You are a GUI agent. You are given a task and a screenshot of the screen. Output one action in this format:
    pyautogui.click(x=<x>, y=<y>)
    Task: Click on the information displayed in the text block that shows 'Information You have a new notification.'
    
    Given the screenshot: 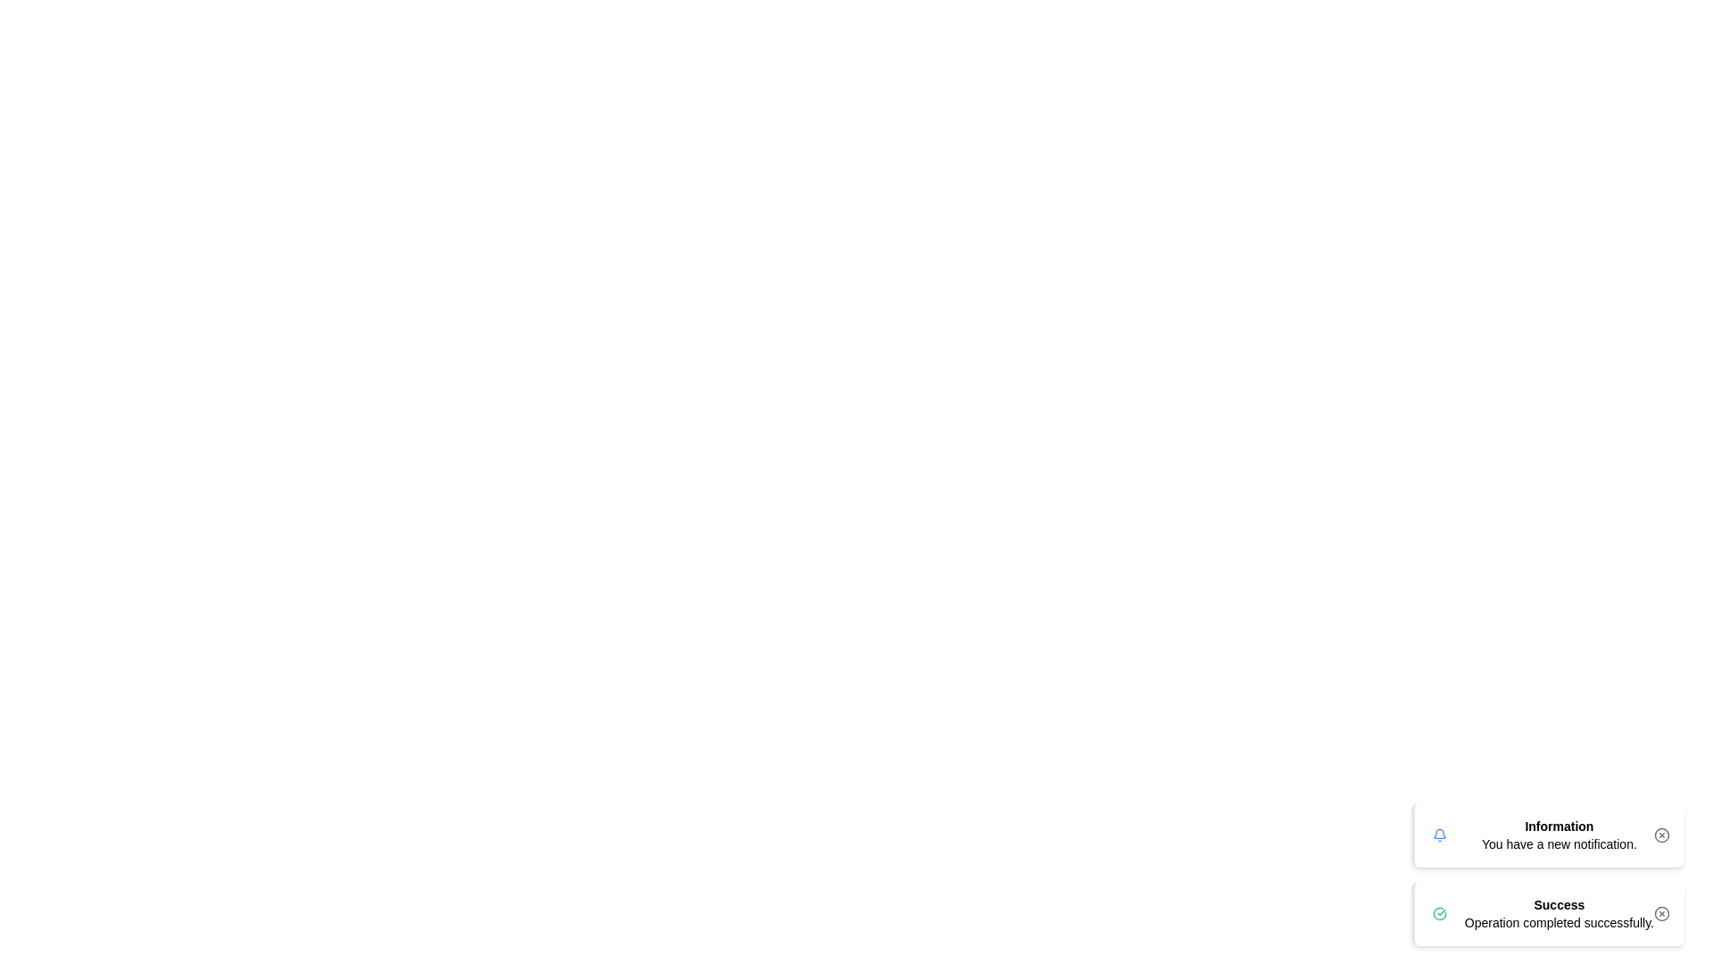 What is the action you would take?
    pyautogui.click(x=1558, y=835)
    